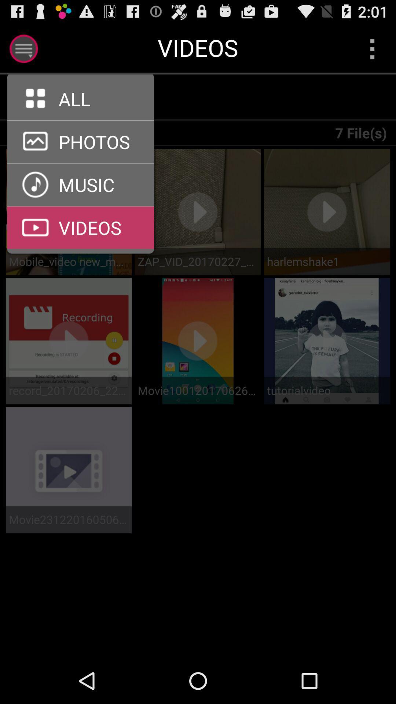 This screenshot has height=704, width=396. What do you see at coordinates (80, 120) in the screenshot?
I see `open all portion of menu` at bounding box center [80, 120].